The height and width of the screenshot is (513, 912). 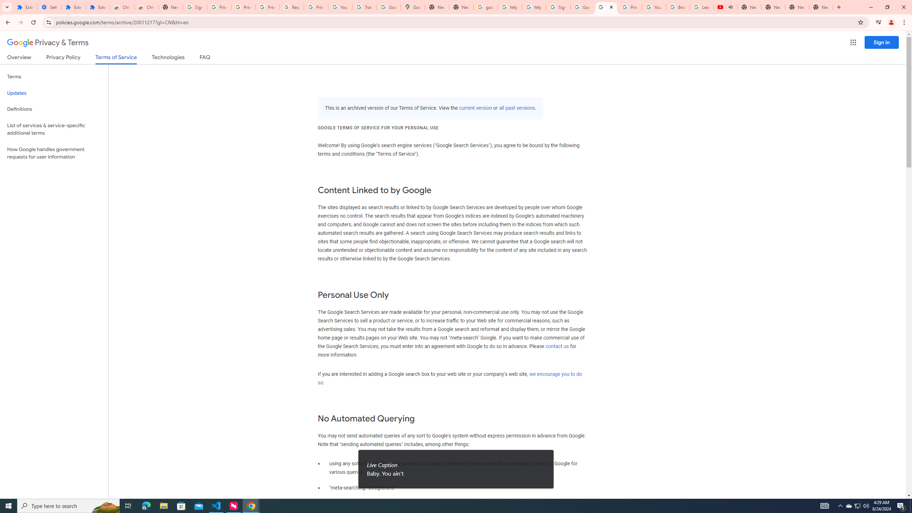 I want to click on 'we encourage you to do so', so click(x=449, y=378).